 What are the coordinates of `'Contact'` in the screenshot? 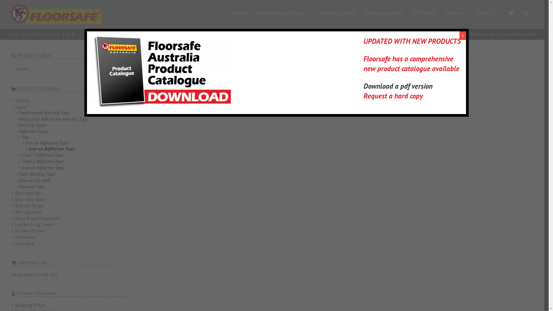 It's located at (487, 13).